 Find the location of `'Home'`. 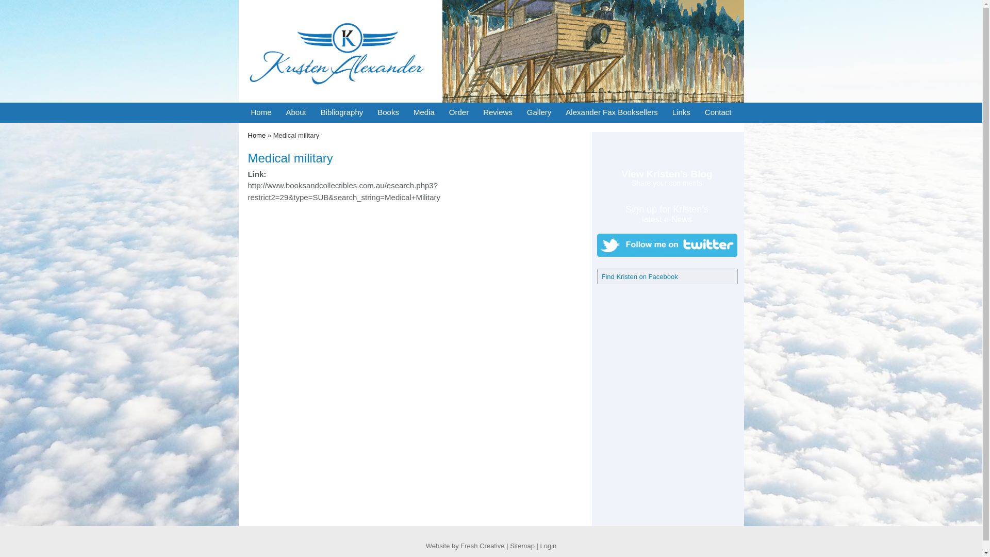

'Home' is located at coordinates (256, 135).